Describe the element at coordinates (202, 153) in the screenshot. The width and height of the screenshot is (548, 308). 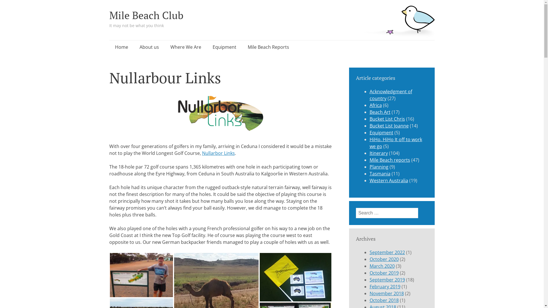
I see `'Nullarbor Links'` at that location.